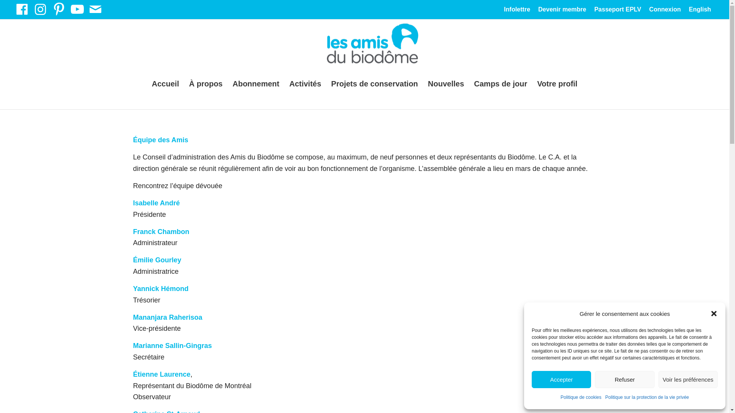 This screenshot has height=413, width=735. Describe the element at coordinates (58, 9) in the screenshot. I see `'Pinterest'` at that location.